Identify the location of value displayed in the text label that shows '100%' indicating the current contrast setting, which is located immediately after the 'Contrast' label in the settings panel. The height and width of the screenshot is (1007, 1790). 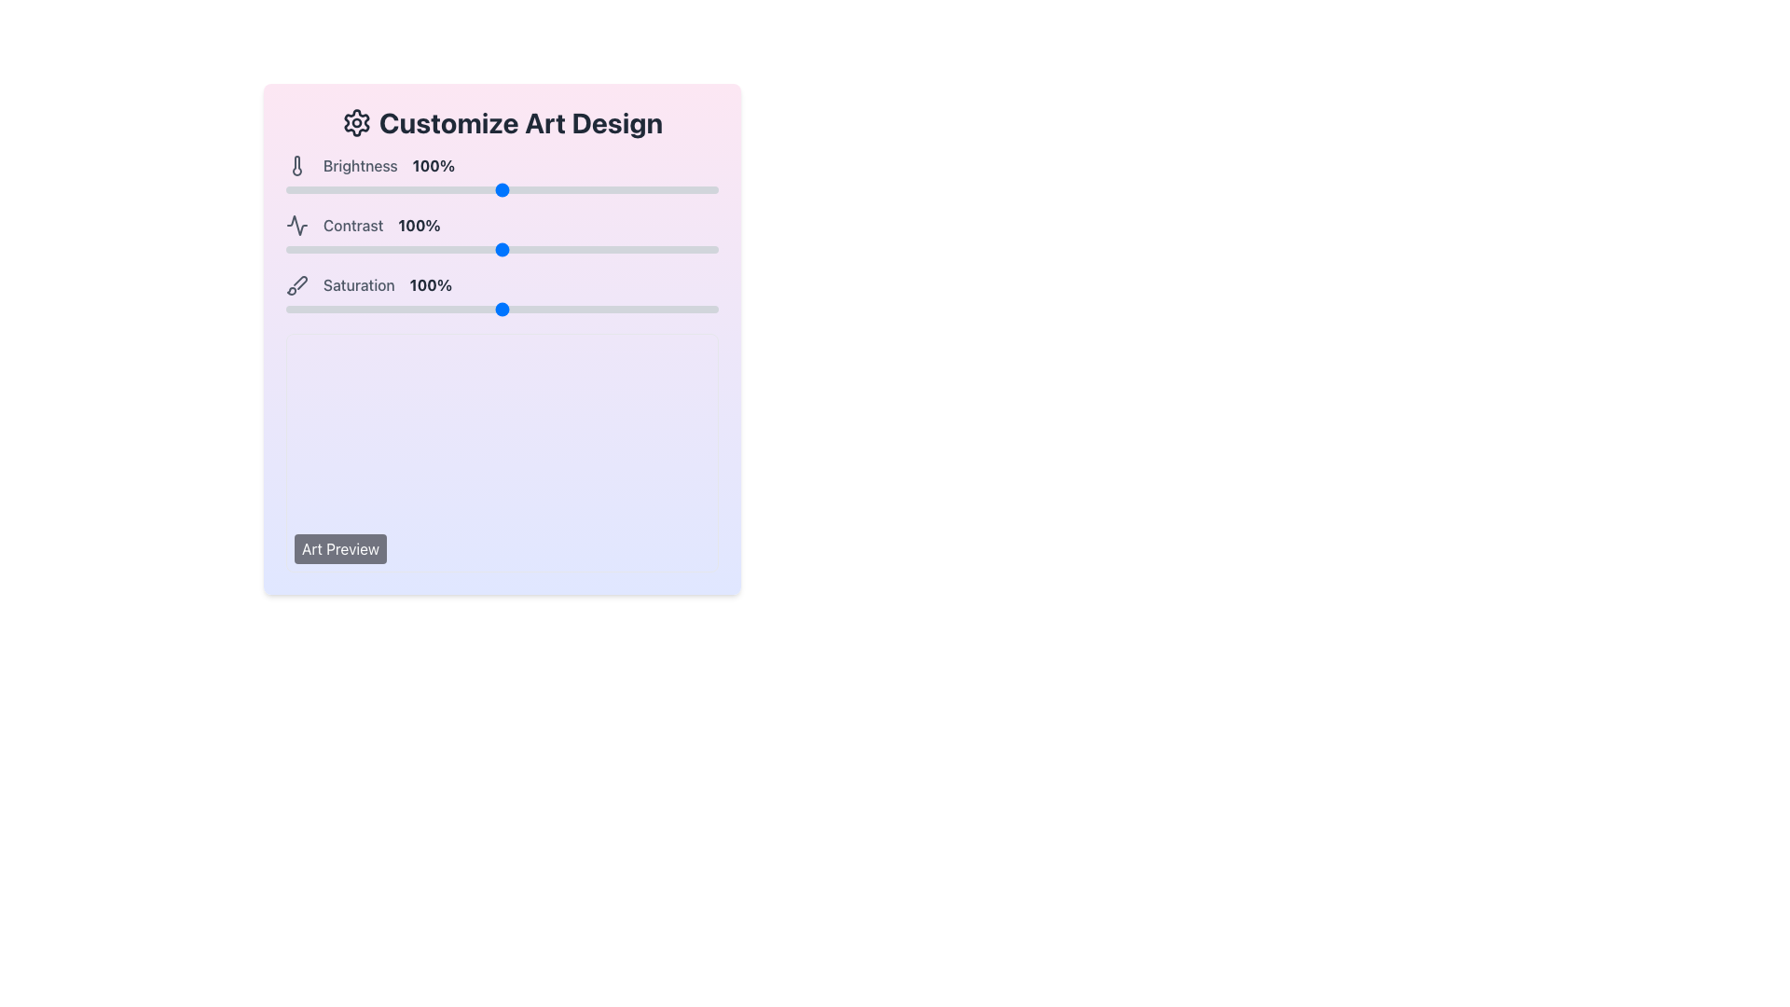
(419, 225).